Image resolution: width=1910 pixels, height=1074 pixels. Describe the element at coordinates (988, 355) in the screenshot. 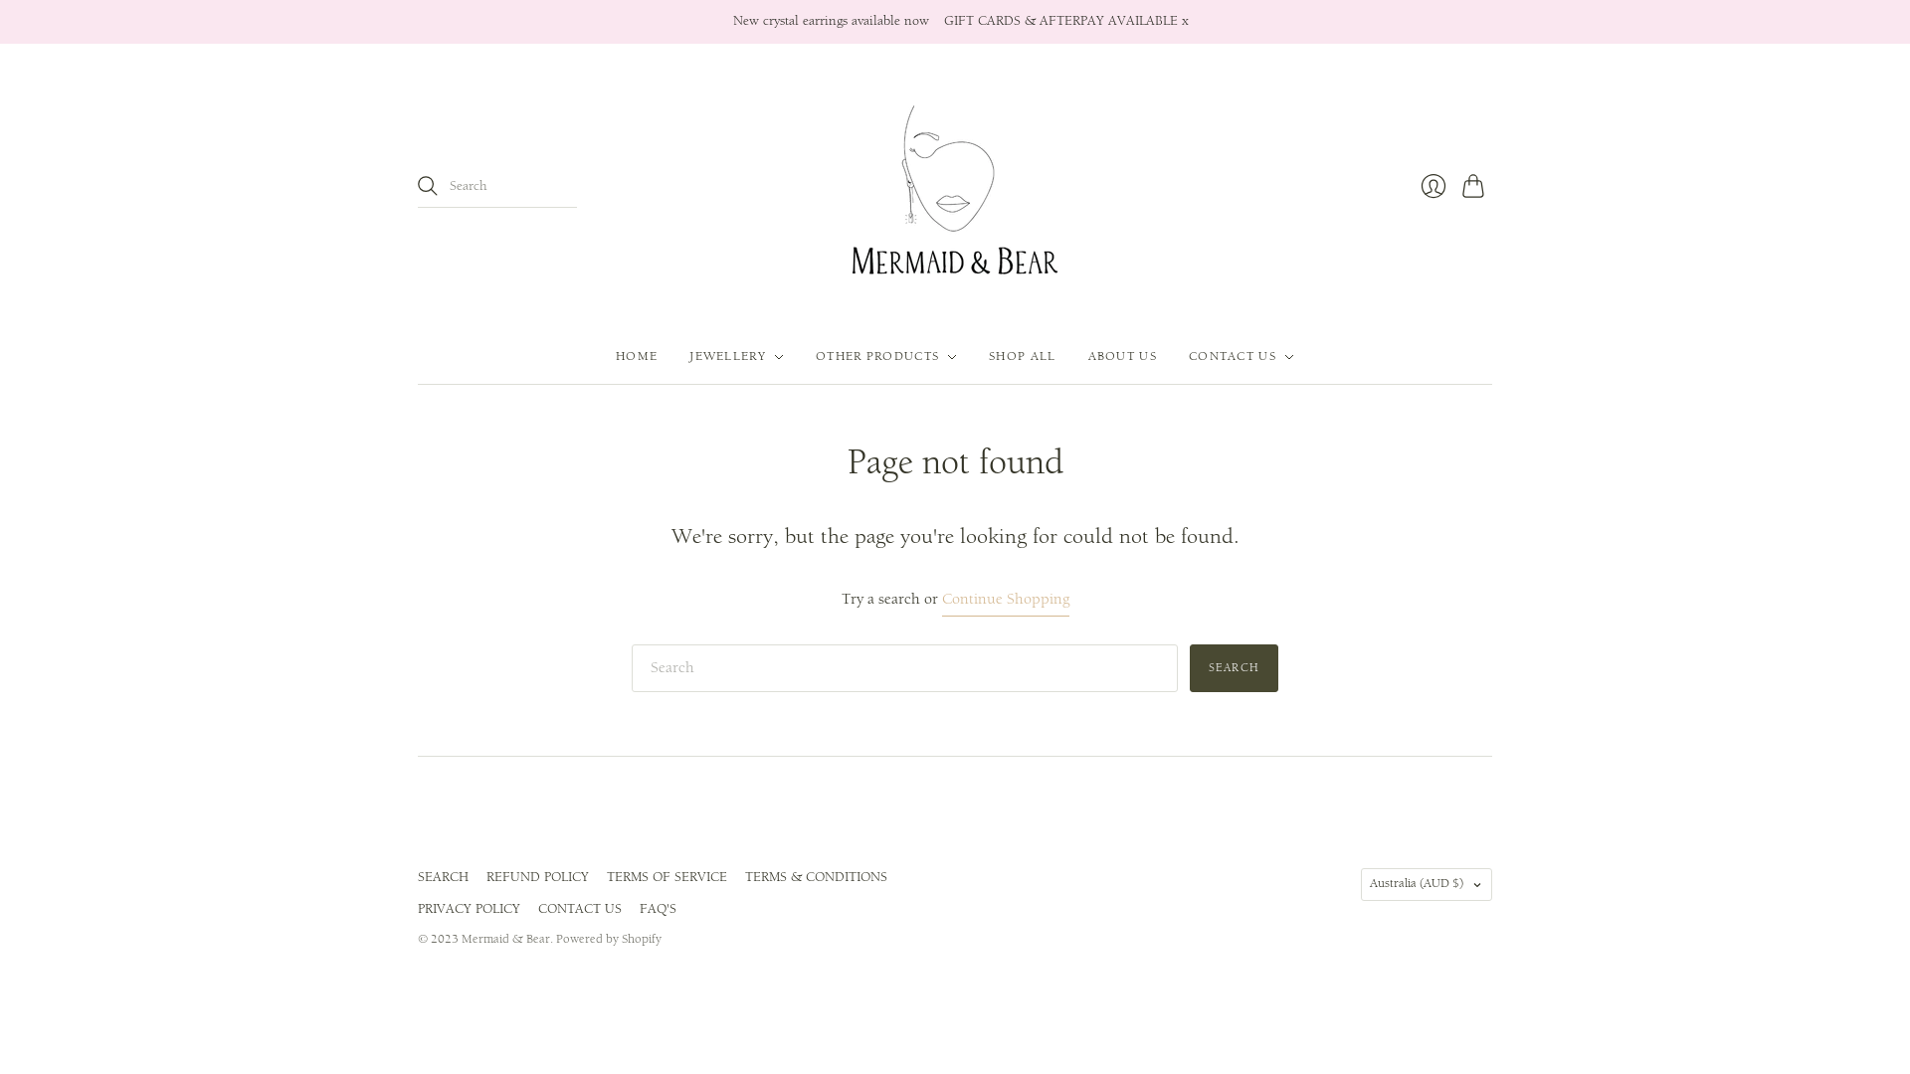

I see `'SHOP ALL'` at that location.